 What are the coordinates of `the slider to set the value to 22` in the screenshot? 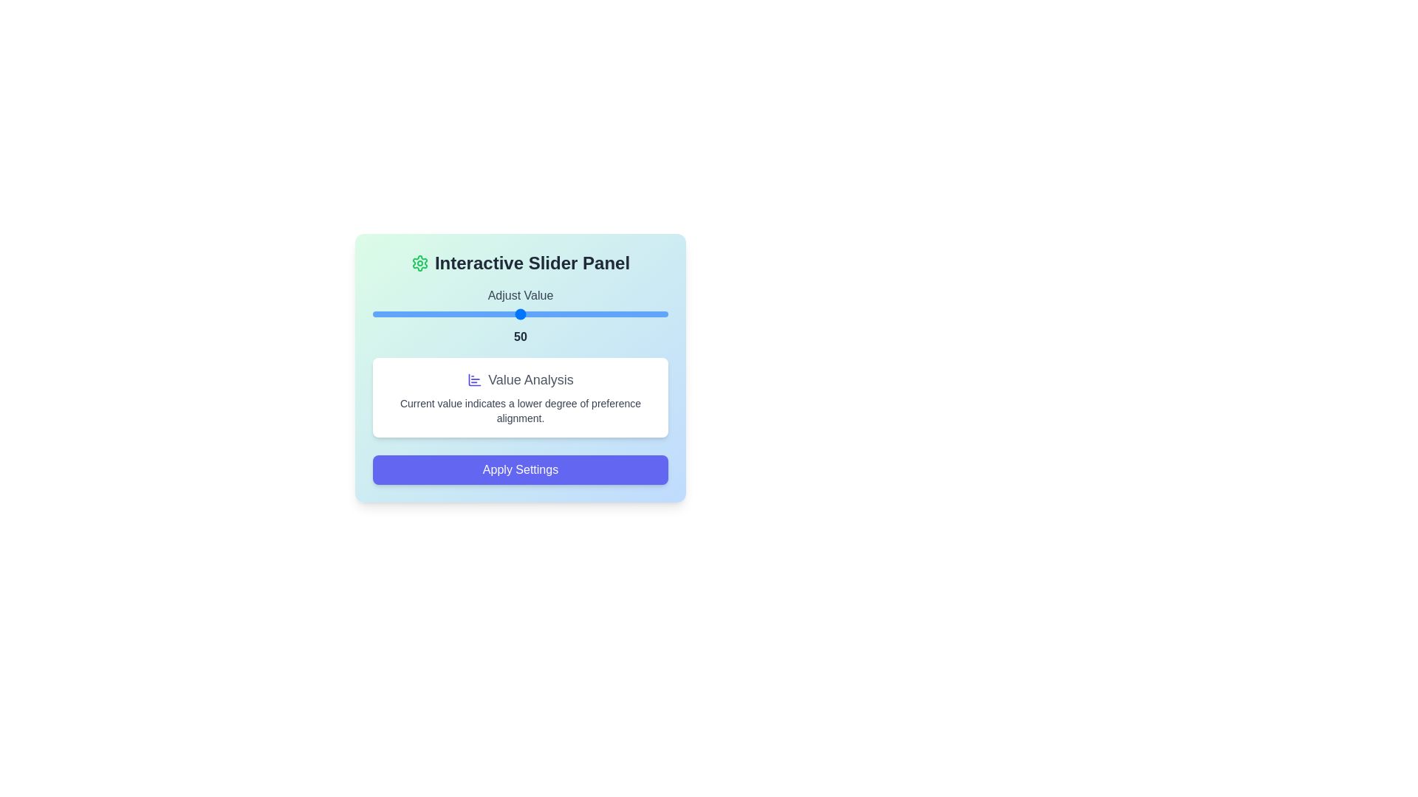 It's located at (437, 313).